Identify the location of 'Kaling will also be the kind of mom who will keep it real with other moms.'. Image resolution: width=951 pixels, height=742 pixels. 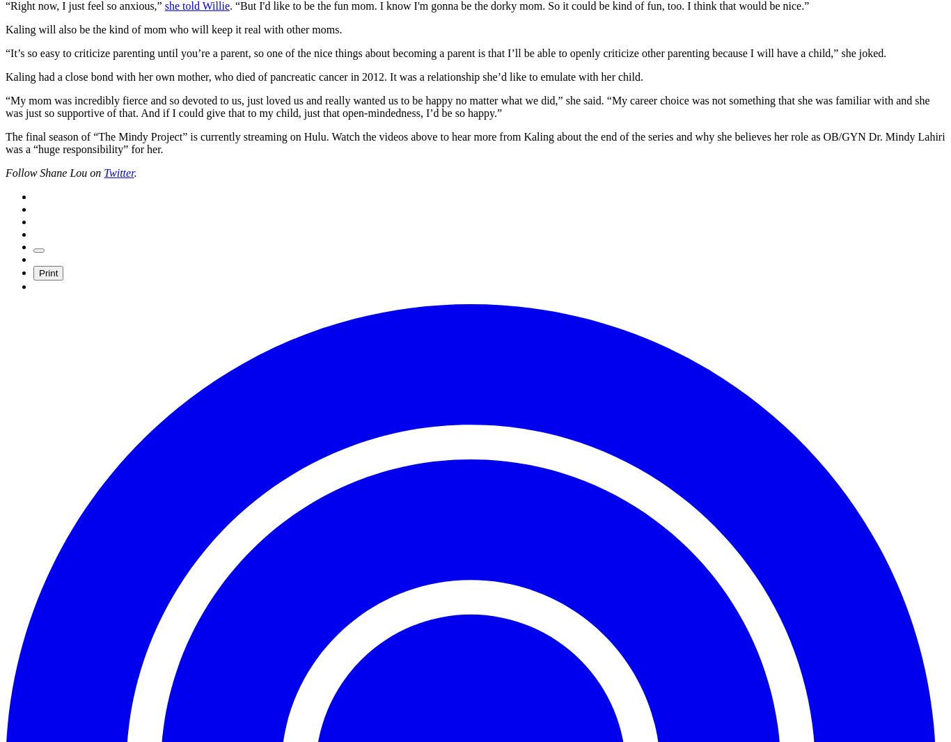
(173, 29).